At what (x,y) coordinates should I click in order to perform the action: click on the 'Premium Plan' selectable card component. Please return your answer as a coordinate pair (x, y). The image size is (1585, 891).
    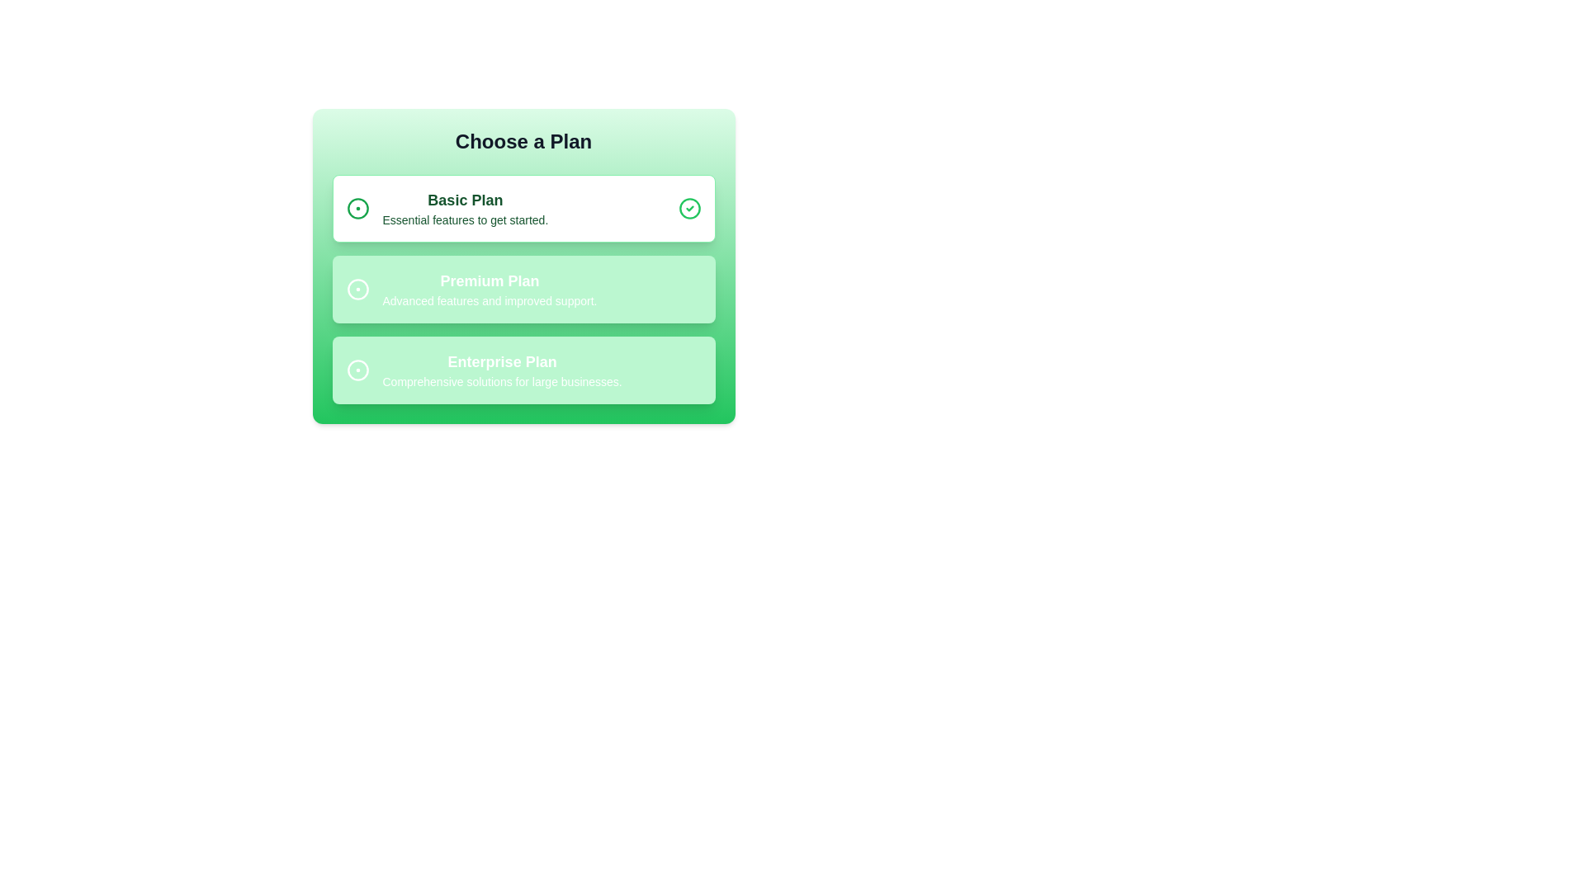
    Looking at the image, I should click on (523, 289).